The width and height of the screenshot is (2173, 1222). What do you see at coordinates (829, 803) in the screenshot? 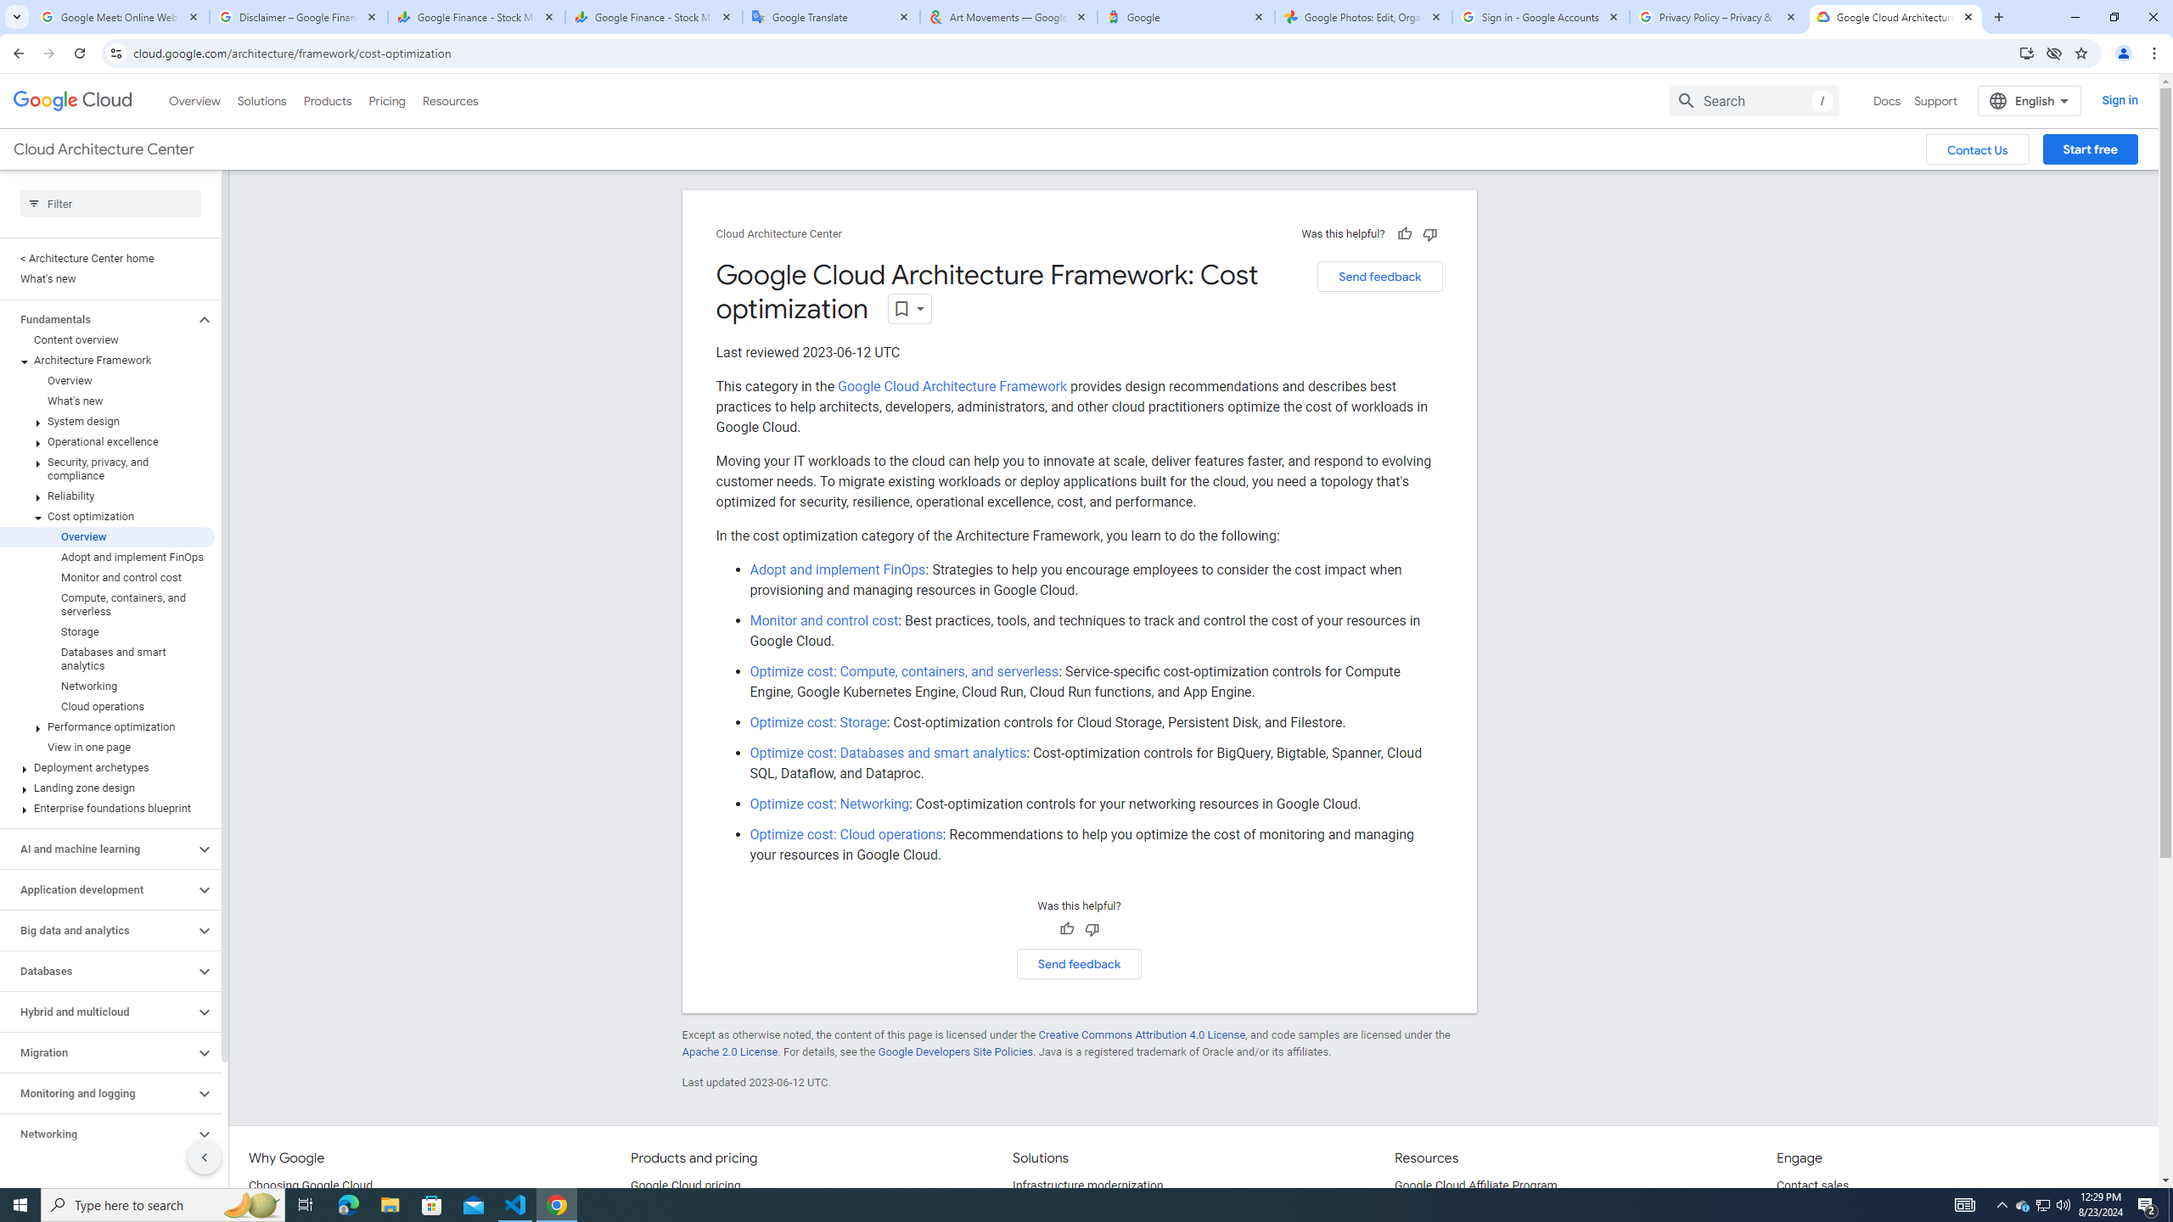
I see `'Optimize cost: Networking'` at bounding box center [829, 803].